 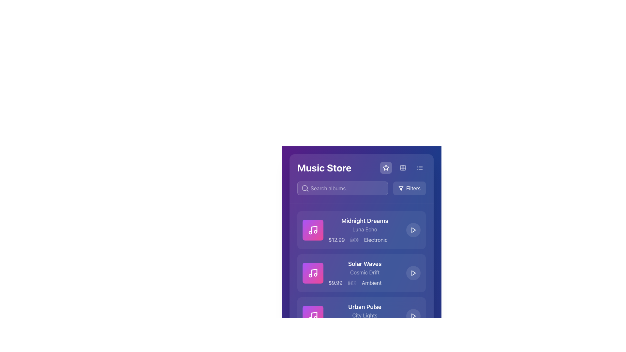 I want to click on the genre tag or category label for the 'Solar Waves' album, which is positioned beneath the album entry to the right of the '$9.99' price text, so click(x=372, y=282).